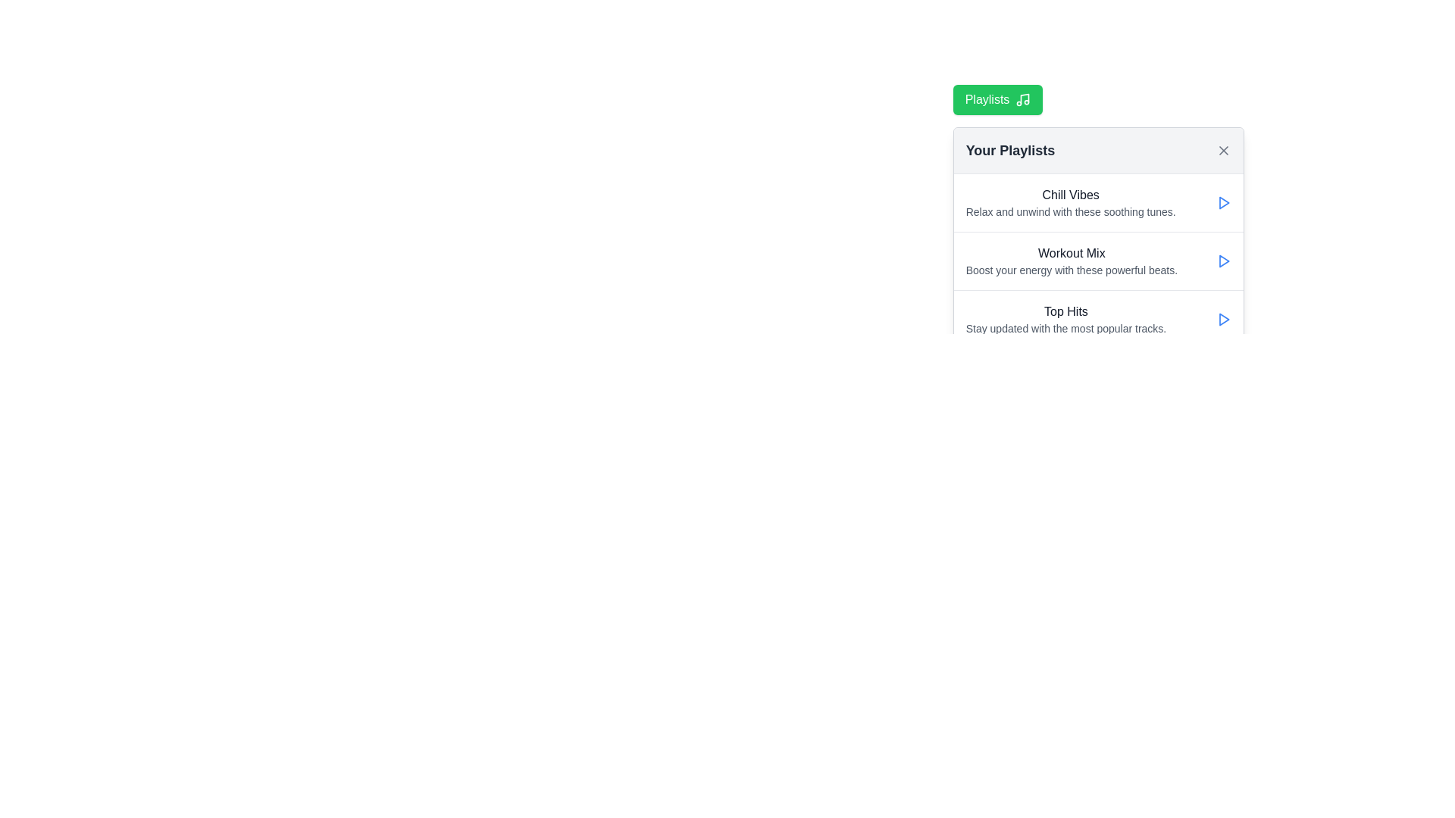 This screenshot has height=818, width=1455. What do you see at coordinates (1071, 260) in the screenshot?
I see `the 'Workout Mix' clickable text section` at bounding box center [1071, 260].